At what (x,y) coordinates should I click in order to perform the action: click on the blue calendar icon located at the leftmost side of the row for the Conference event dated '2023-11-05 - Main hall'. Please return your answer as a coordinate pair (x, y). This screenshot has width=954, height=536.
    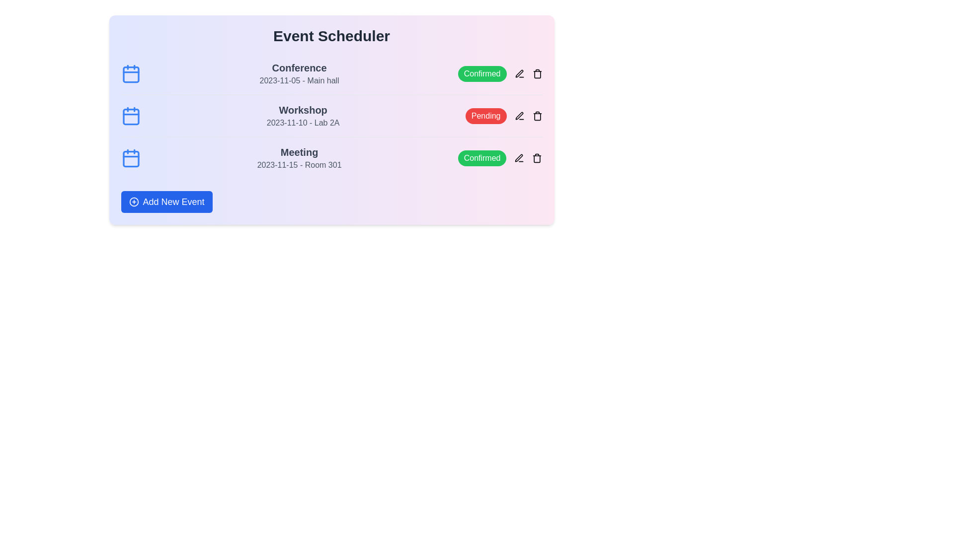
    Looking at the image, I should click on (130, 73).